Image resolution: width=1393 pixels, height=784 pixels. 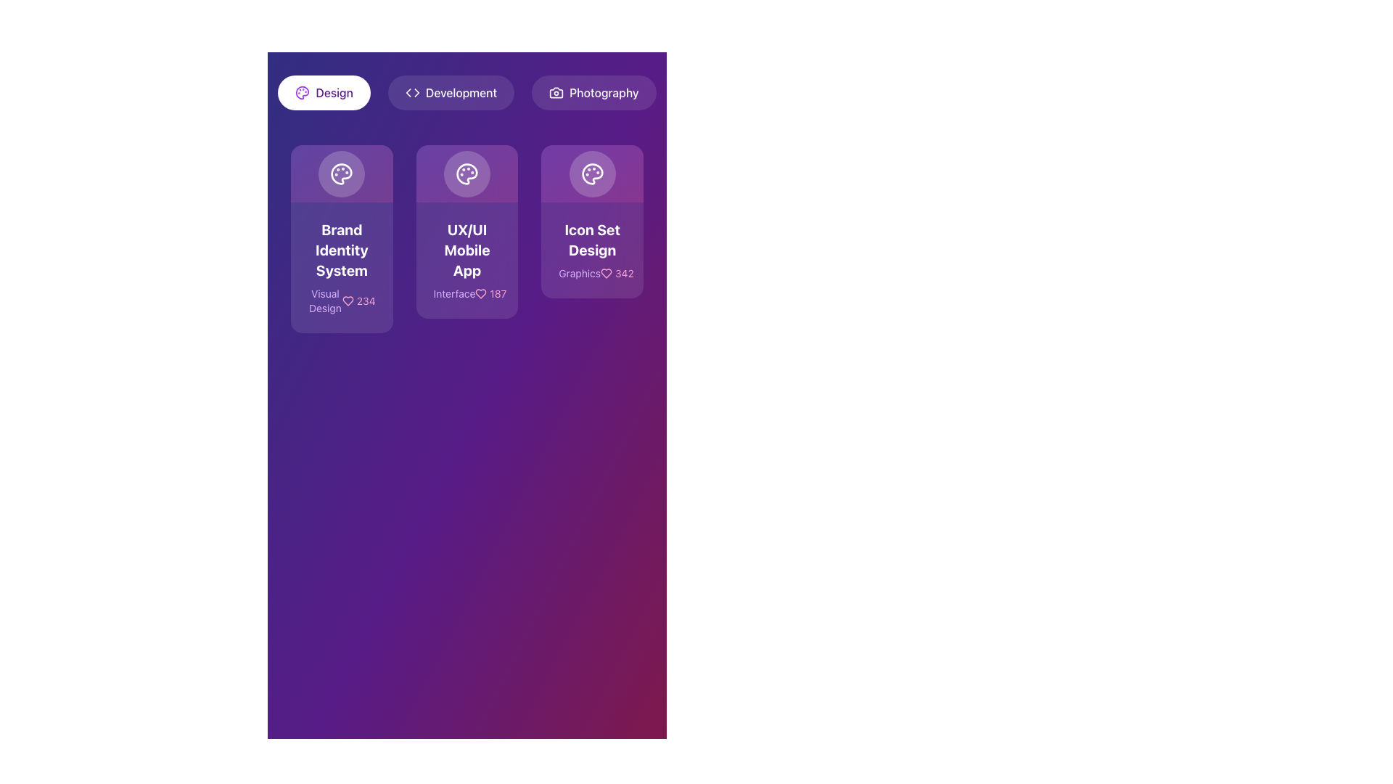 What do you see at coordinates (467, 231) in the screenshot?
I see `the informational card in the grid layout that displays details about a UX/UI mobile app project and indicates a related element count of '187'` at bounding box center [467, 231].